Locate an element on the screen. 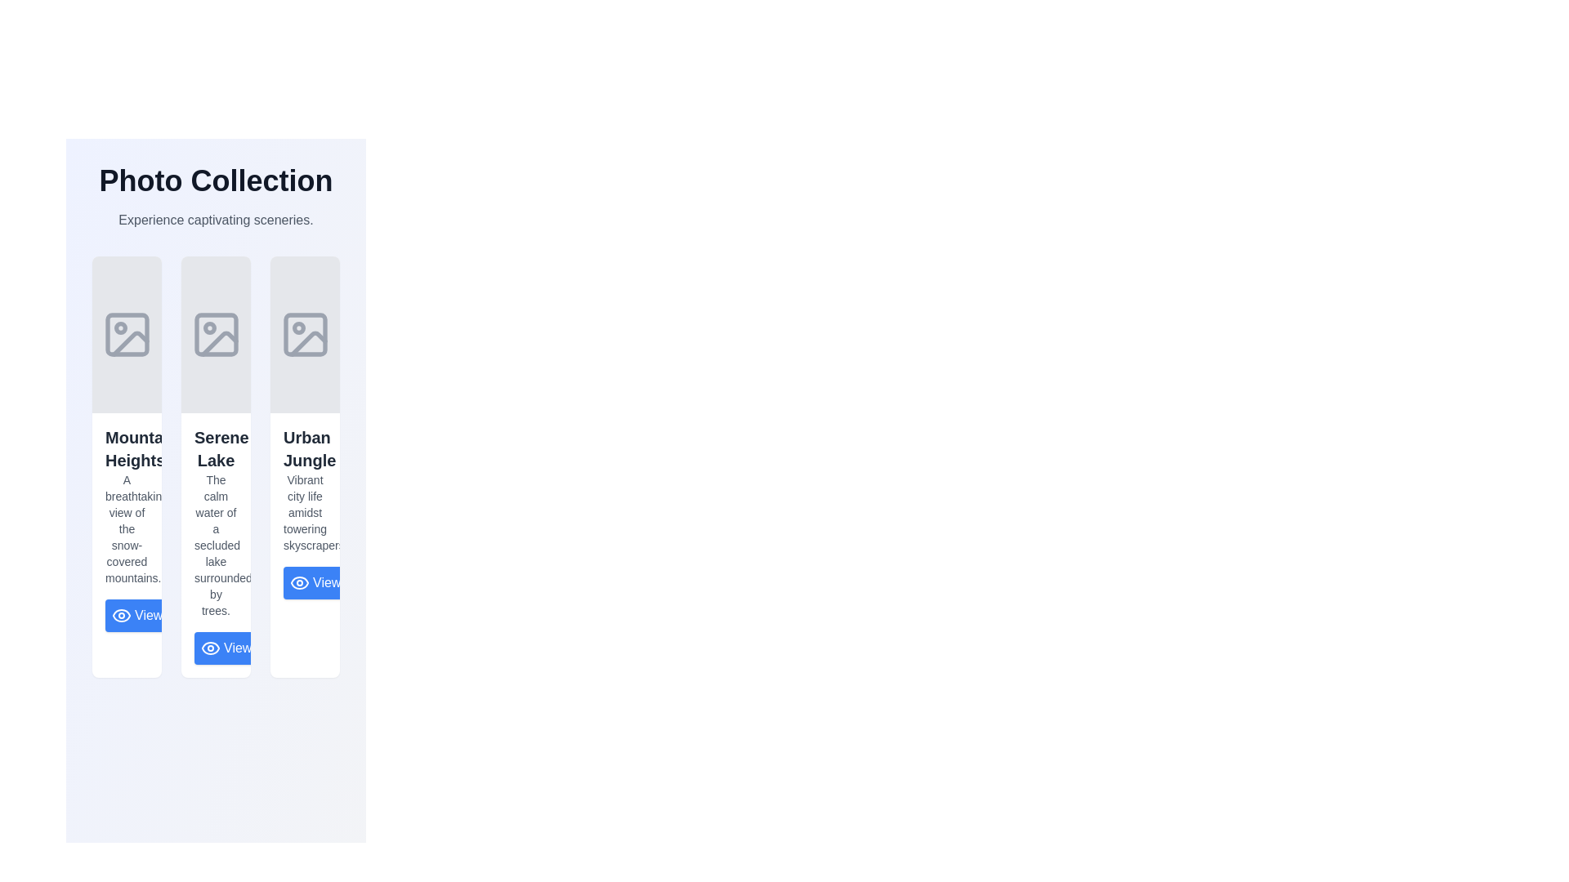 The width and height of the screenshot is (1569, 882). the eye icon representing the 'View' action located in the middle column under the 'Serene Lake' description is located at coordinates (210, 648).